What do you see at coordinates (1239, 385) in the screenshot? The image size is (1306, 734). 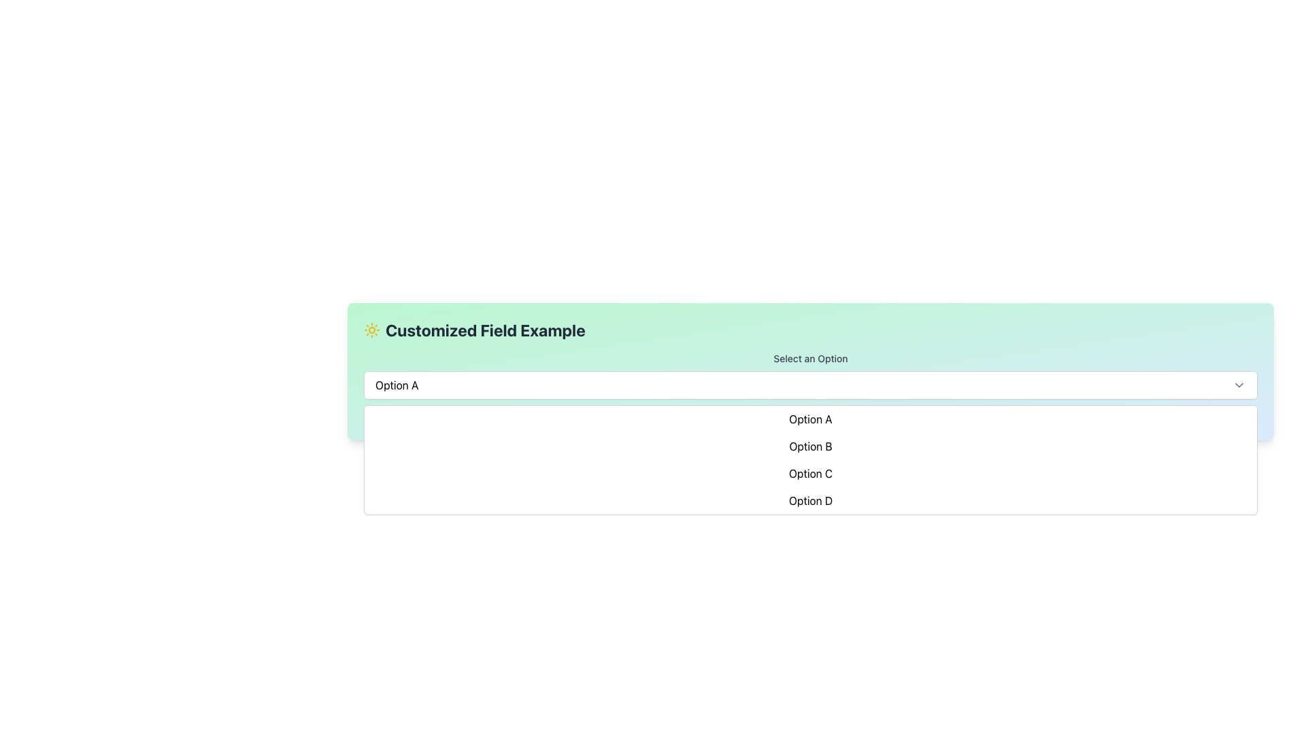 I see `the downward-pointing gray chevron icon located in the rightmost section of the dropdown field` at bounding box center [1239, 385].